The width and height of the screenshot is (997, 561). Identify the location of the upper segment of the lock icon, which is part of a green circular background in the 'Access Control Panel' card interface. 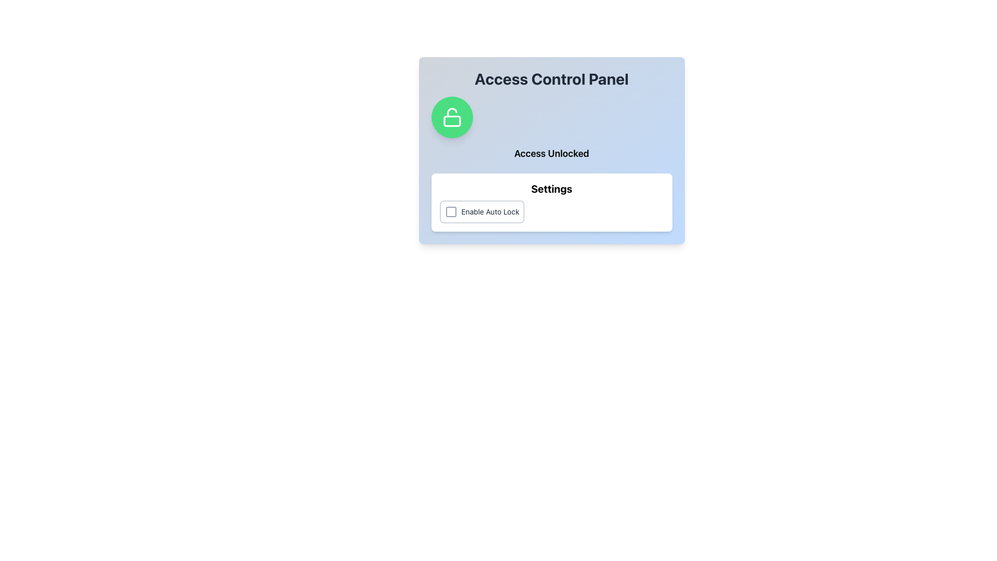
(452, 112).